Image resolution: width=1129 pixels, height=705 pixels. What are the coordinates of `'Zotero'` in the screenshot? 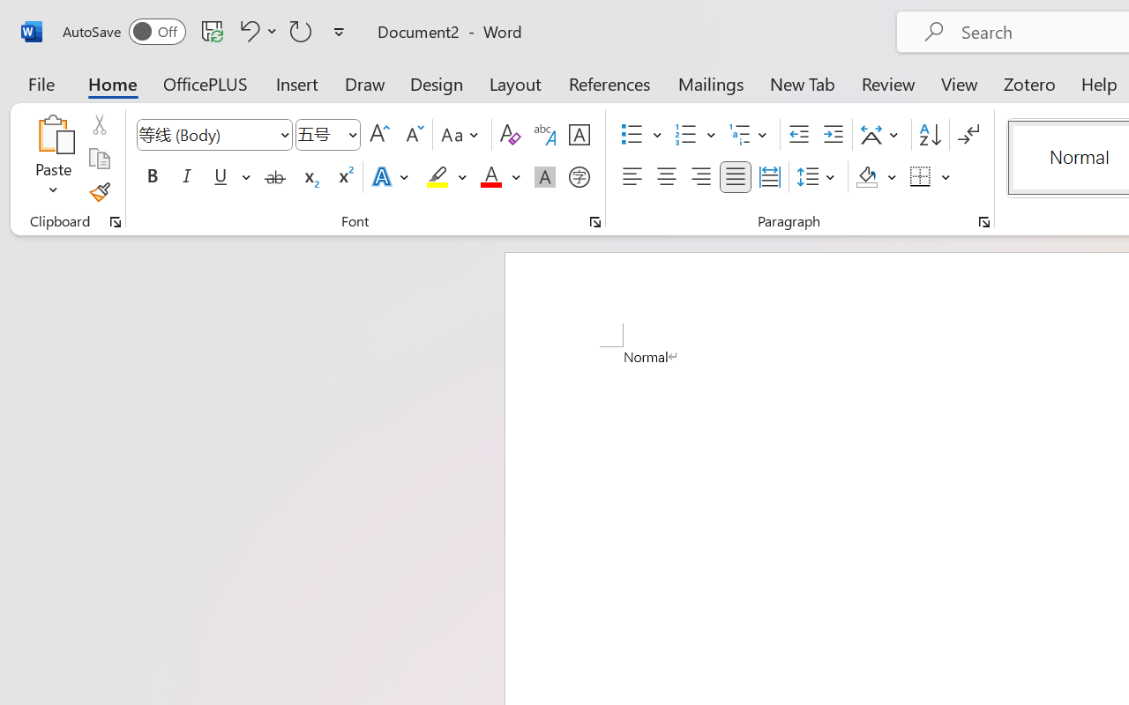 It's located at (1029, 83).